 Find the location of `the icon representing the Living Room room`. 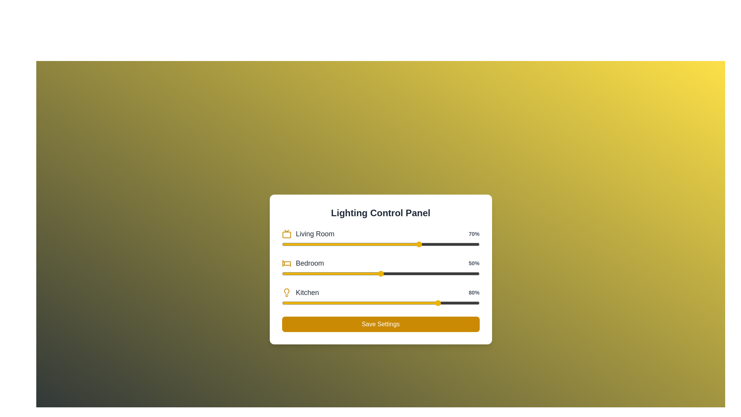

the icon representing the Living Room room is located at coordinates (286, 233).